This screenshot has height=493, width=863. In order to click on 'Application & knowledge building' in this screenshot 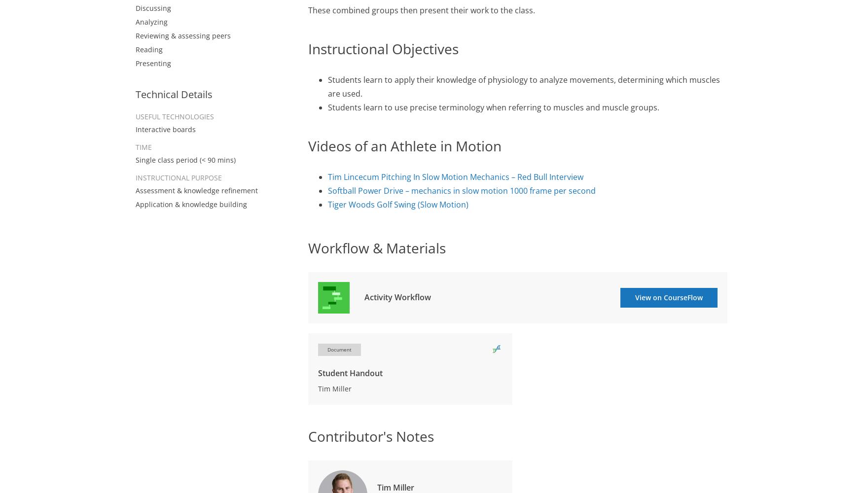, I will do `click(190, 204)`.